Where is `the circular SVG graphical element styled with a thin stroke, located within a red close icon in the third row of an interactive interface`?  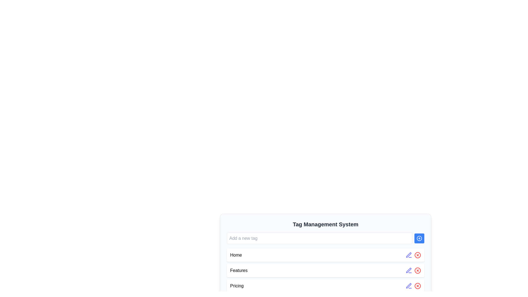 the circular SVG graphical element styled with a thin stroke, located within a red close icon in the third row of an interactive interface is located at coordinates (417, 286).